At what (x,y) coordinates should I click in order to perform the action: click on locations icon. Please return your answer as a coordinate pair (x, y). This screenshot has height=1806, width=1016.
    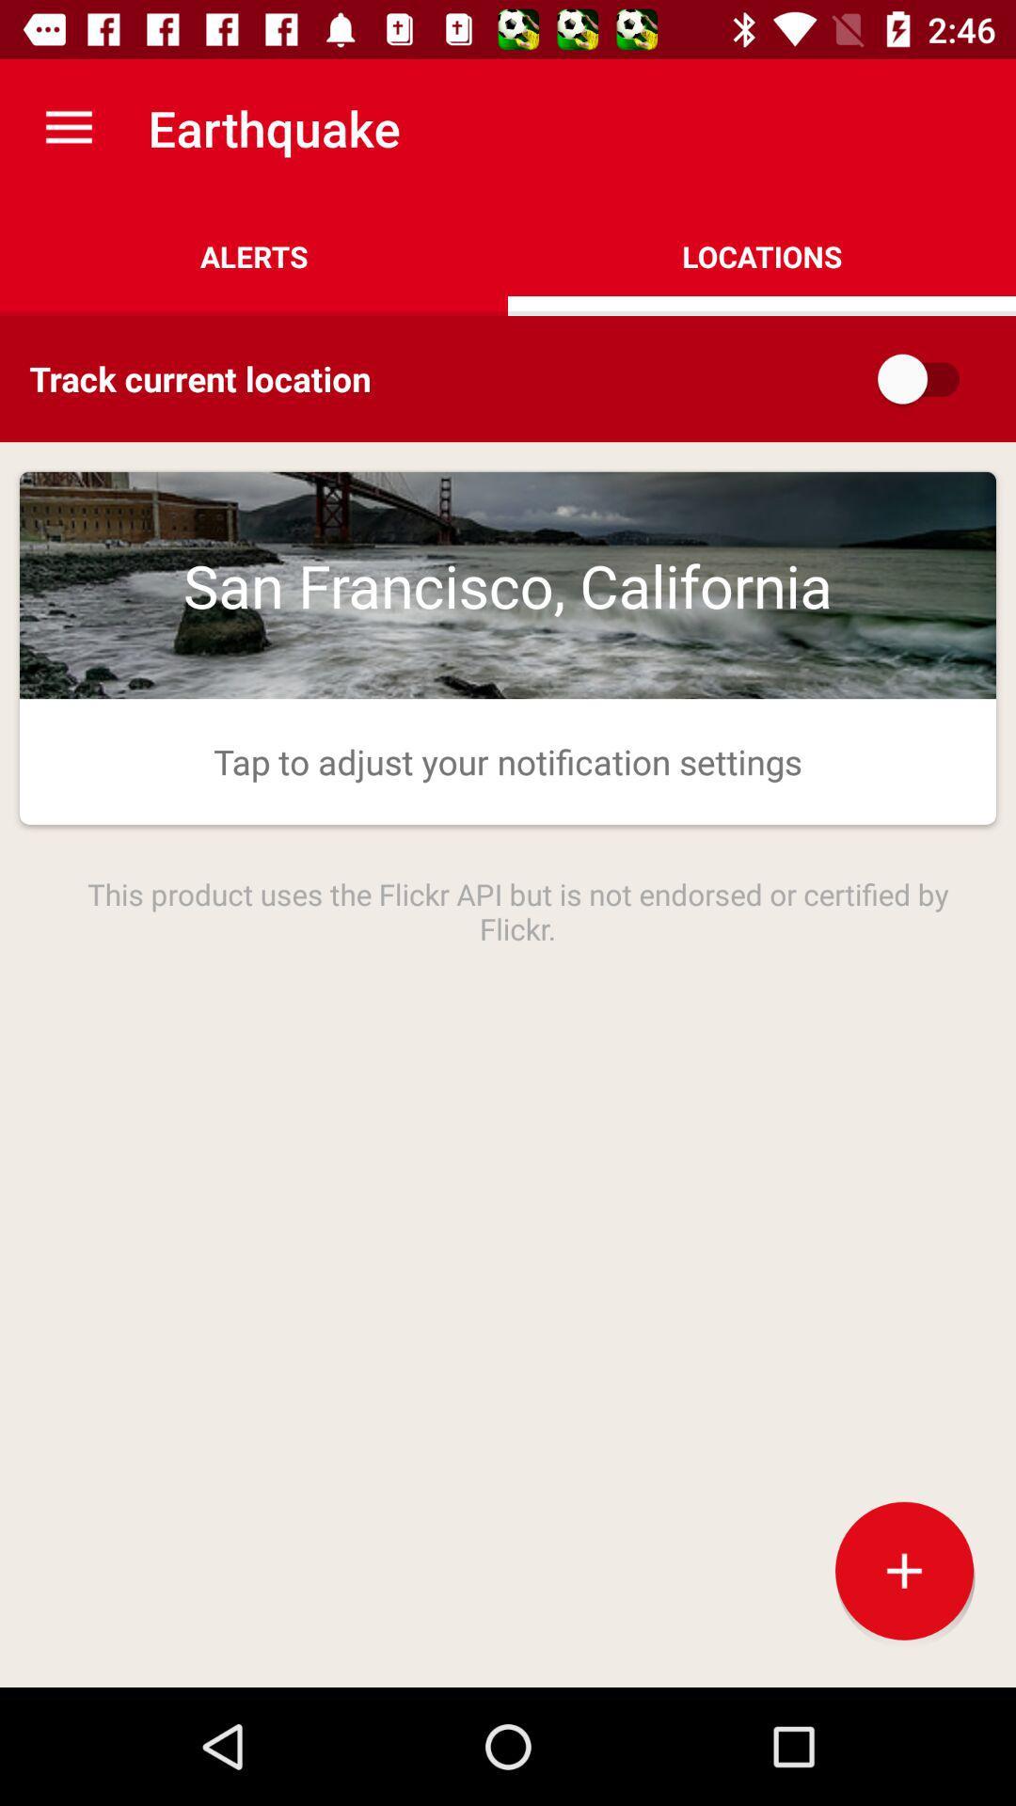
    Looking at the image, I should click on (762, 256).